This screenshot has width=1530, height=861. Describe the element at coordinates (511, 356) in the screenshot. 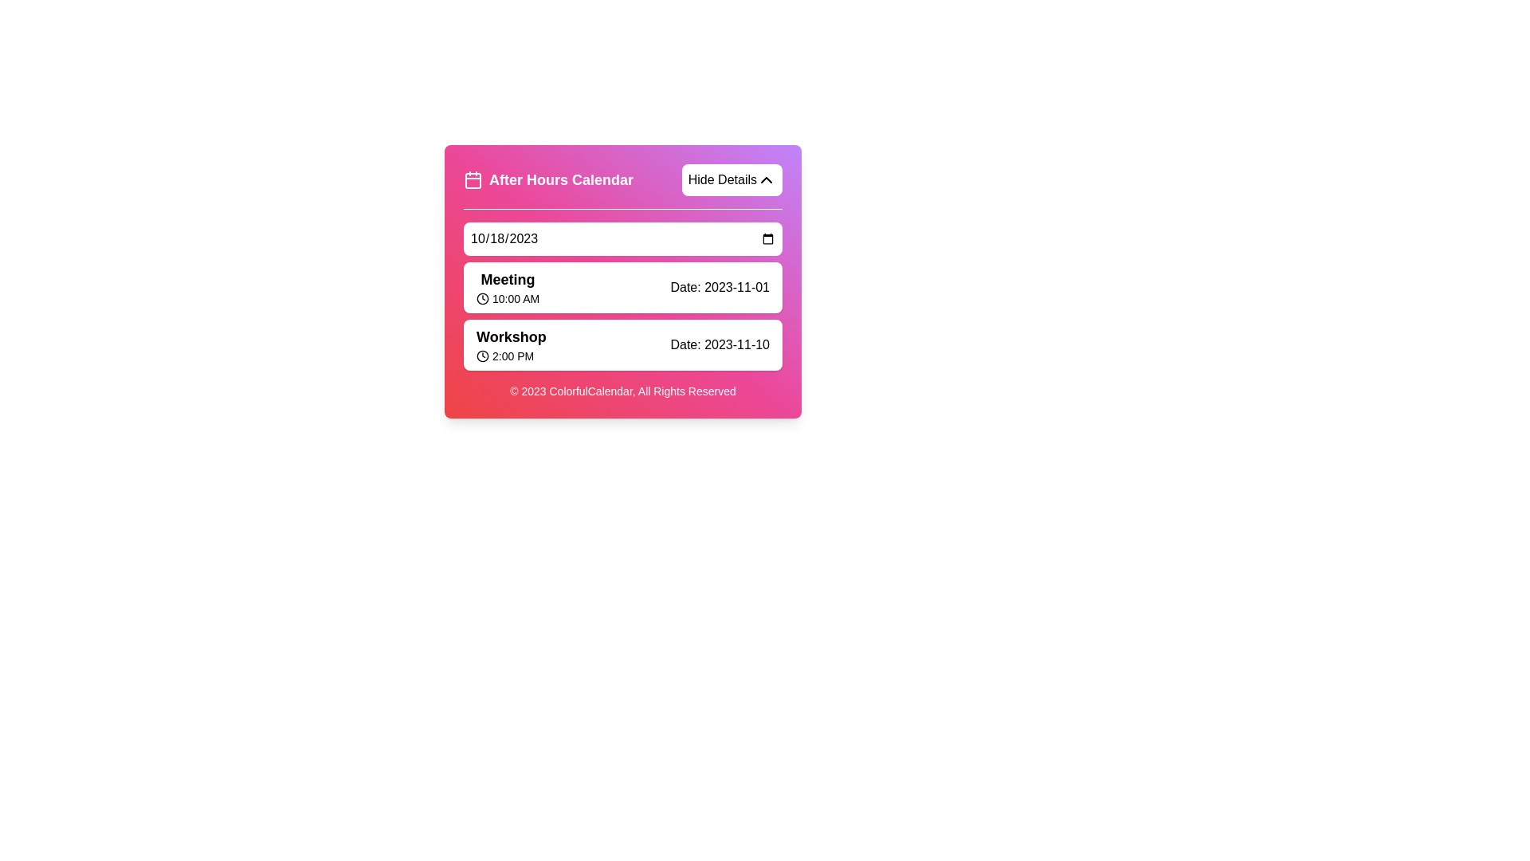

I see `the scheduled time text for the workshop, which is displayed in the format '2:00 PM' and is positioned below the 'Workshop' title text and to the right of the clock icon` at that location.